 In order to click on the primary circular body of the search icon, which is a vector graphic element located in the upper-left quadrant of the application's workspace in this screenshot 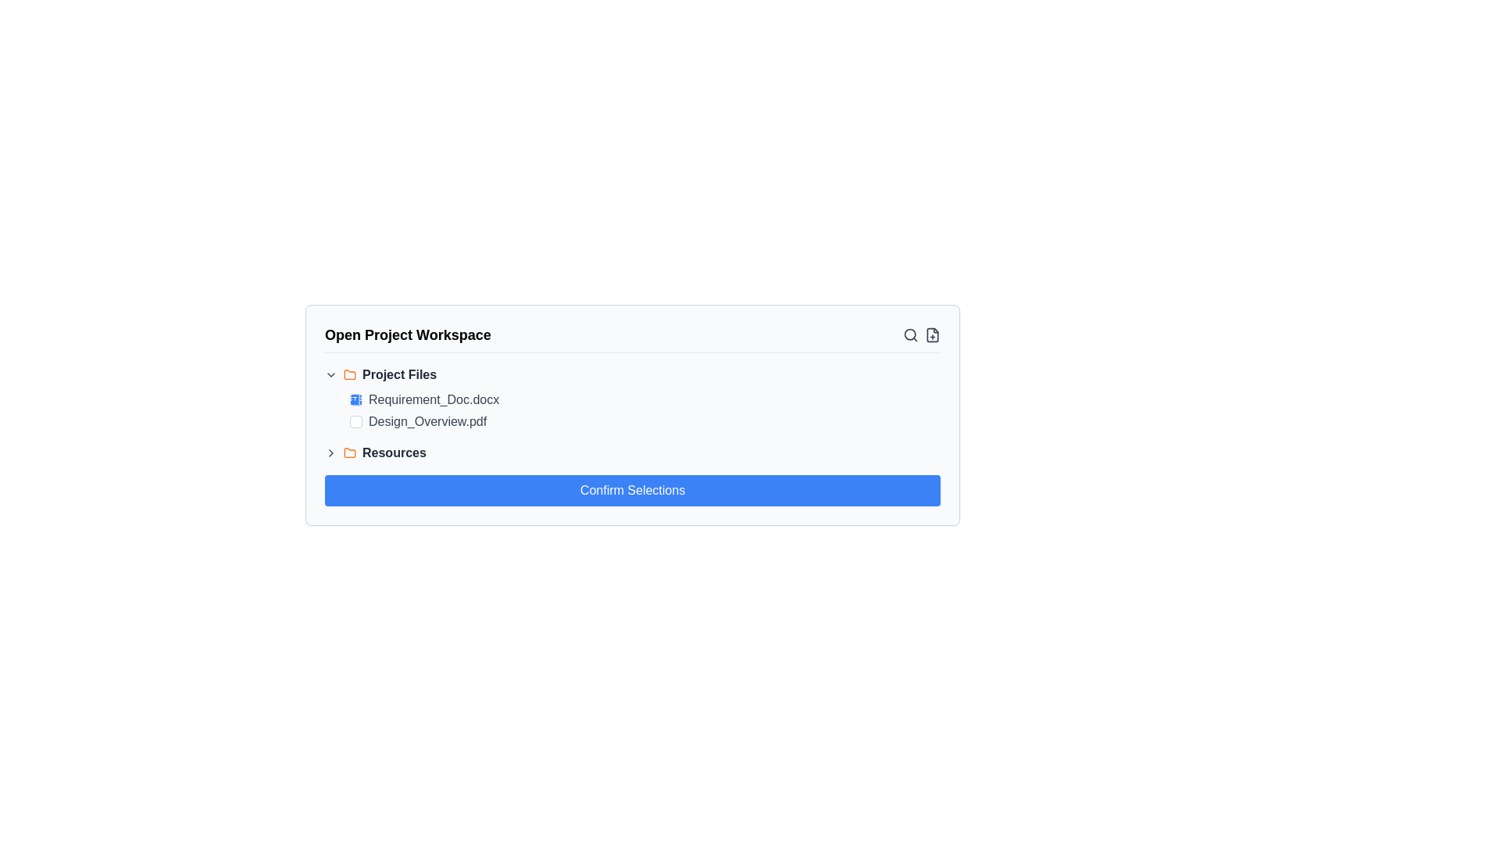, I will do `click(910, 334)`.